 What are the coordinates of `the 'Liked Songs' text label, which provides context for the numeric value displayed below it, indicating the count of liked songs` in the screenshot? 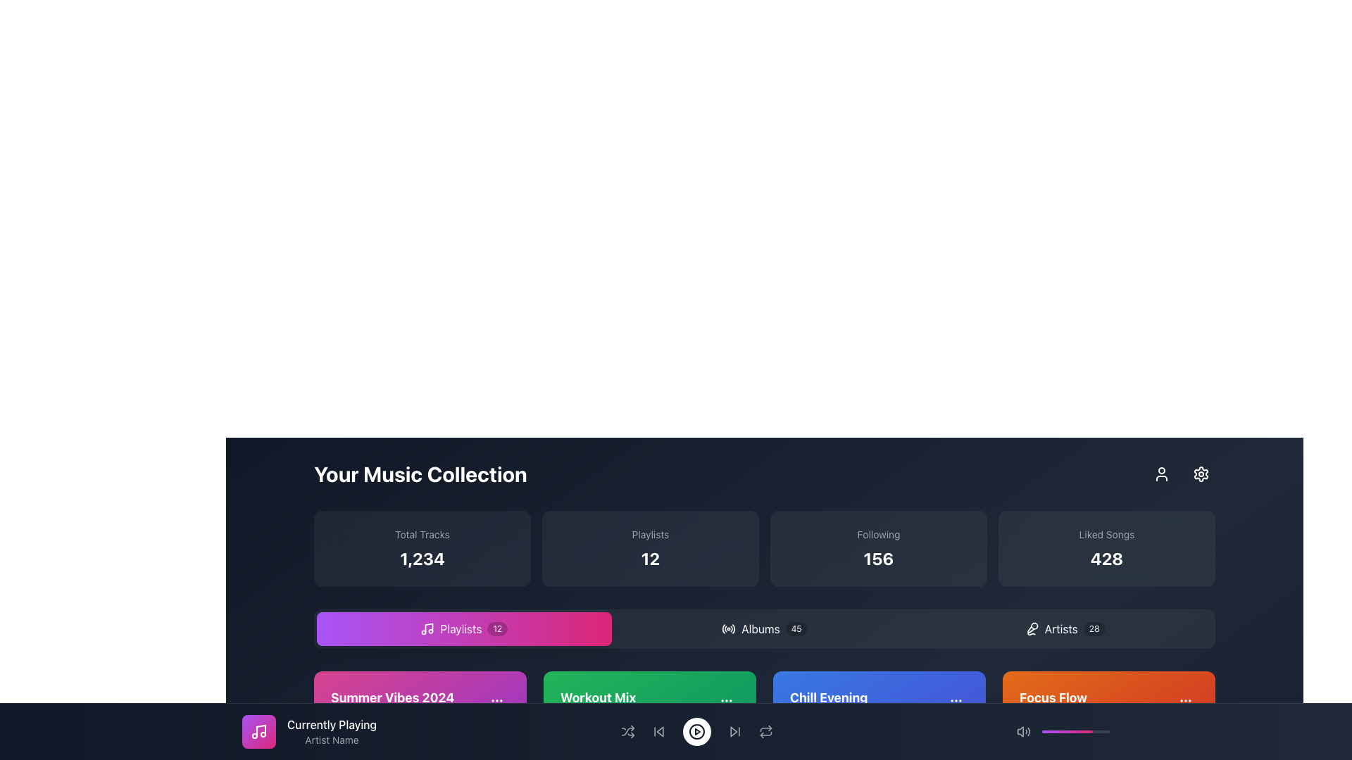 It's located at (1106, 534).